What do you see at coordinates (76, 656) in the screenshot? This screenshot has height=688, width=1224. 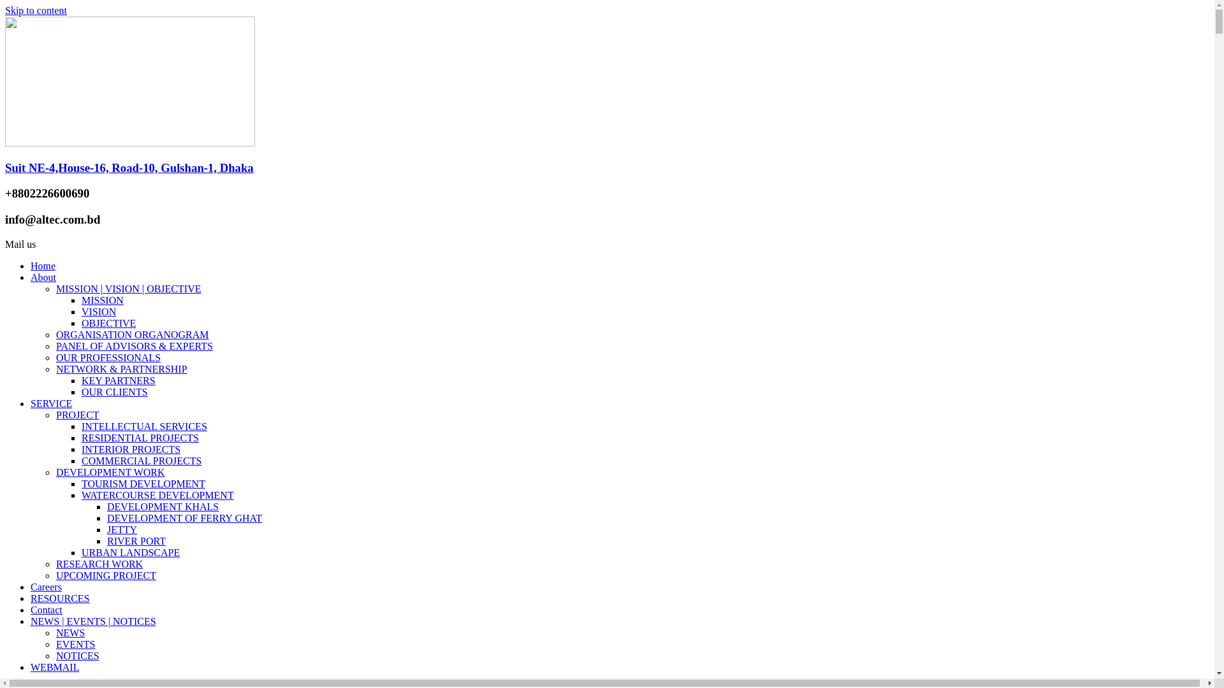 I see `'NOTICES'` at bounding box center [76, 656].